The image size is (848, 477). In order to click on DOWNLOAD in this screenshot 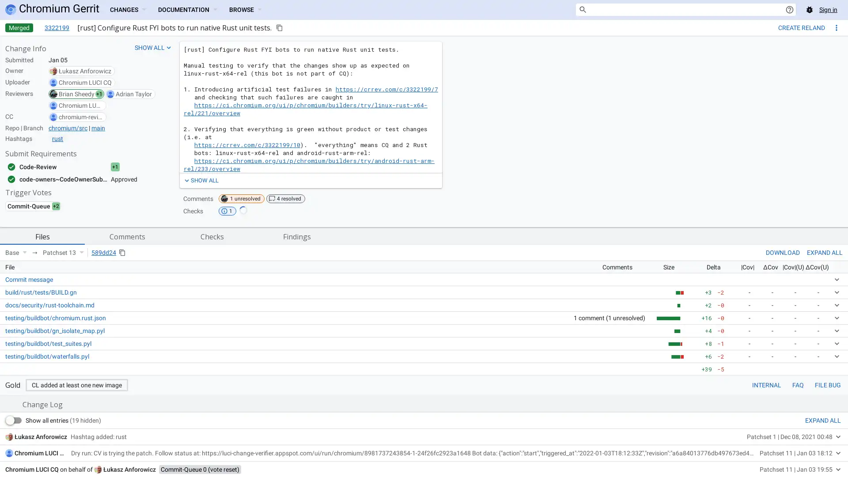, I will do `click(783, 252)`.